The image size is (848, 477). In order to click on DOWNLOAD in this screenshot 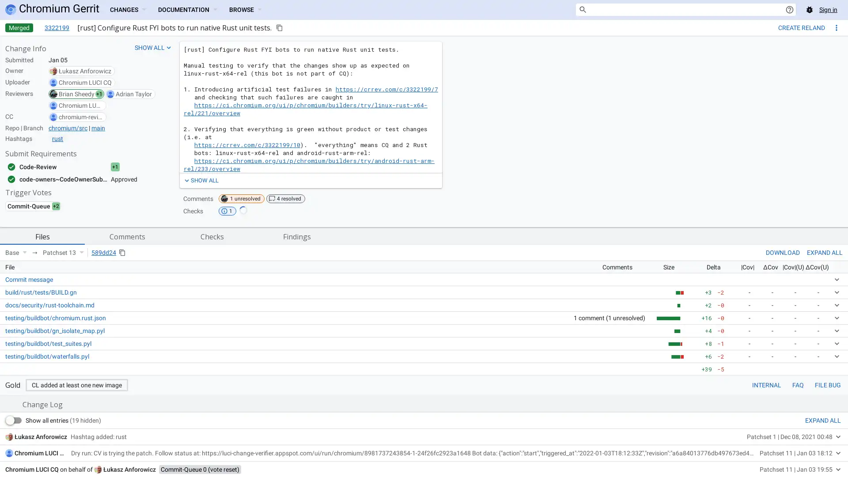, I will do `click(783, 252)`.